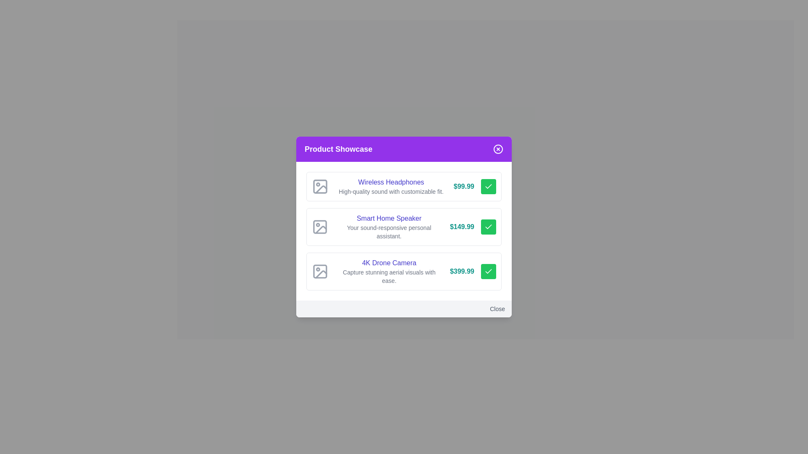  What do you see at coordinates (388, 271) in the screenshot?
I see `the Text Label displaying '4K Drone Camera' which is located between 'Smart Home Speaker' and 'Close' in the product showcase list` at bounding box center [388, 271].